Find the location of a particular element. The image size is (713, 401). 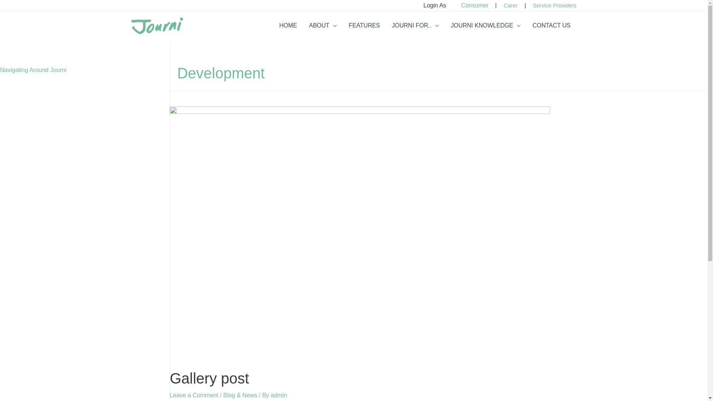

'HOME' is located at coordinates (288, 25).